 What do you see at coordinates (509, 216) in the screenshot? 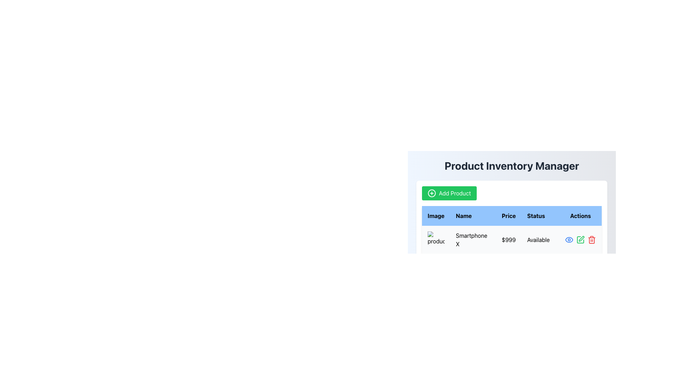
I see `the 'Price' text label, which is centrally aligned and styled on a blue background, located in the header row of a table-like layout` at bounding box center [509, 216].